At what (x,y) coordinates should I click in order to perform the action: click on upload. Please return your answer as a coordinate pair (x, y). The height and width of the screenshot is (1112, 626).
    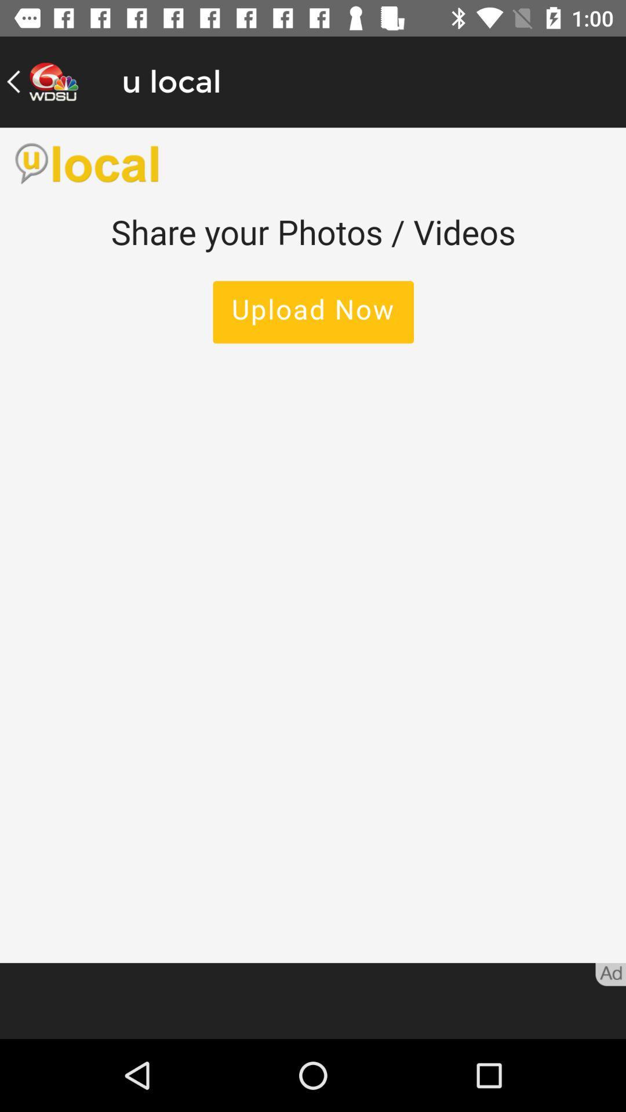
    Looking at the image, I should click on (313, 544).